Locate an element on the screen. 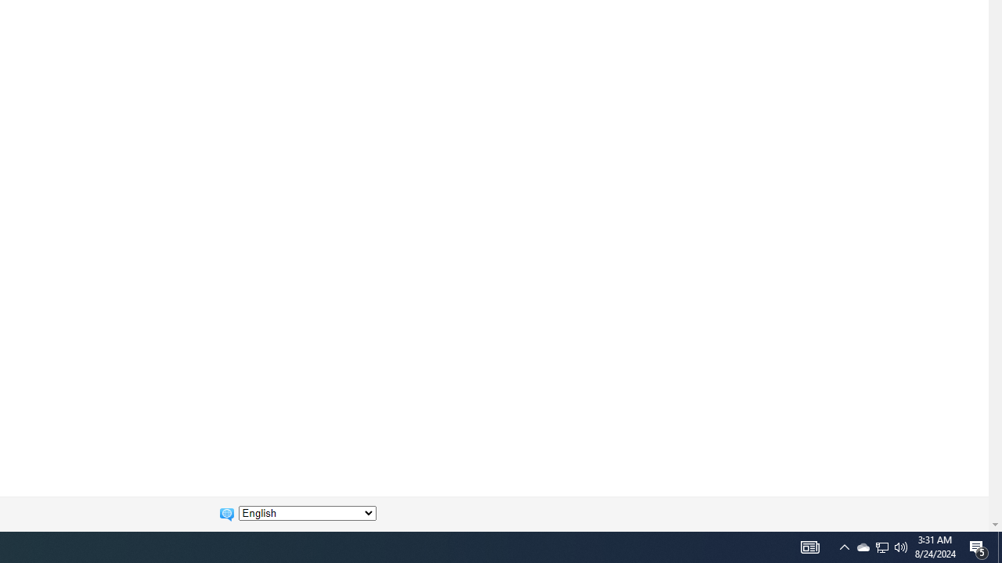 The height and width of the screenshot is (563, 1002). 'Change language:' is located at coordinates (307, 513).